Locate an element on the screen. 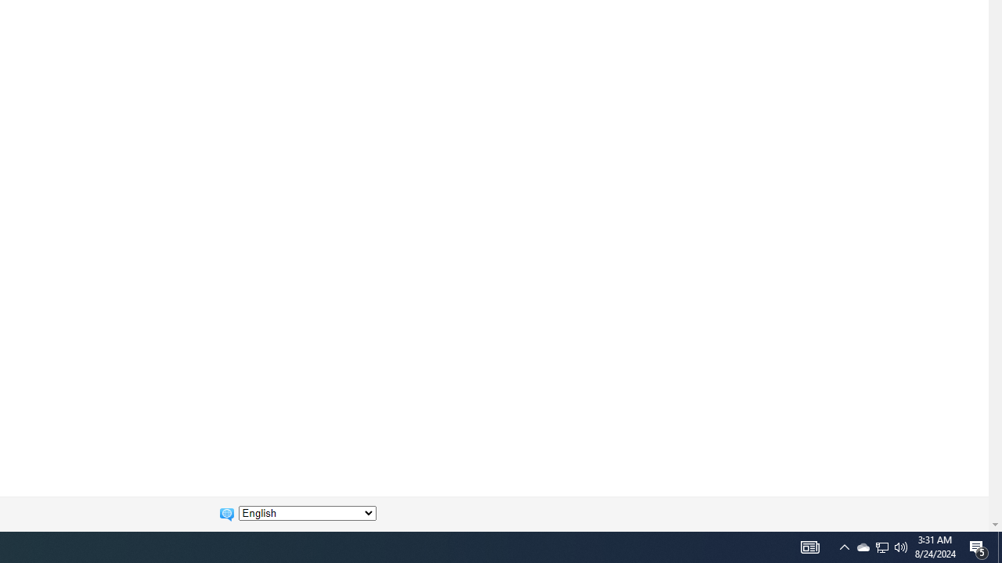 The height and width of the screenshot is (563, 1002). 'Change language:' is located at coordinates (307, 513).